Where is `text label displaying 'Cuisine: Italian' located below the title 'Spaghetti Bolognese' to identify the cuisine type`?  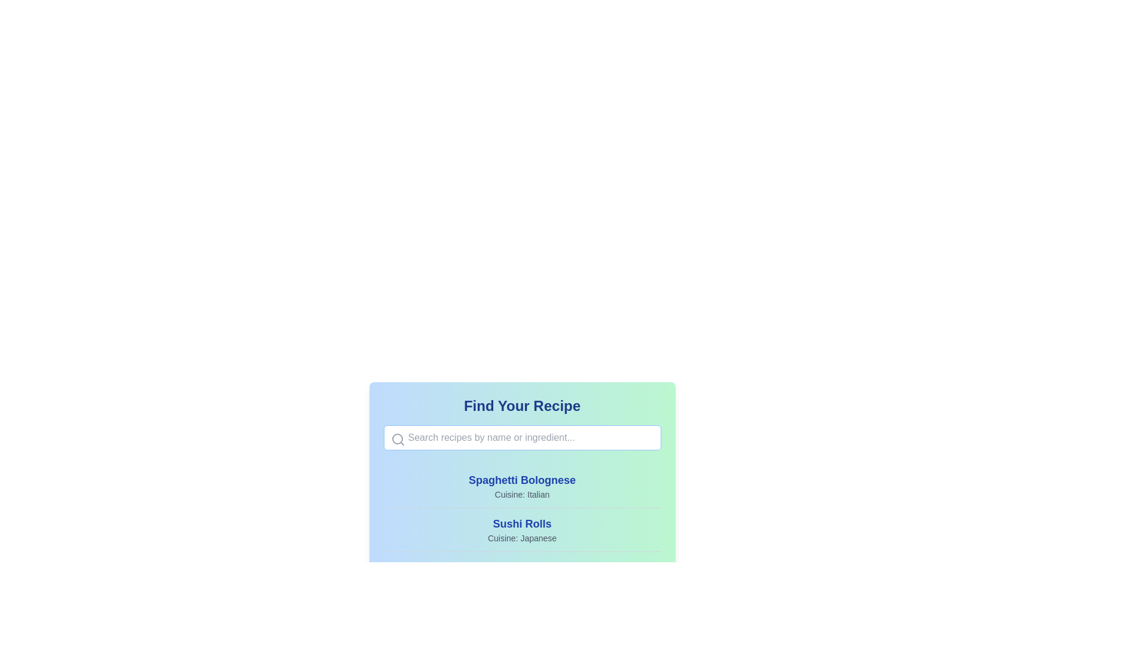
text label displaying 'Cuisine: Italian' located below the title 'Spaghetti Bolognese' to identify the cuisine type is located at coordinates (522, 494).